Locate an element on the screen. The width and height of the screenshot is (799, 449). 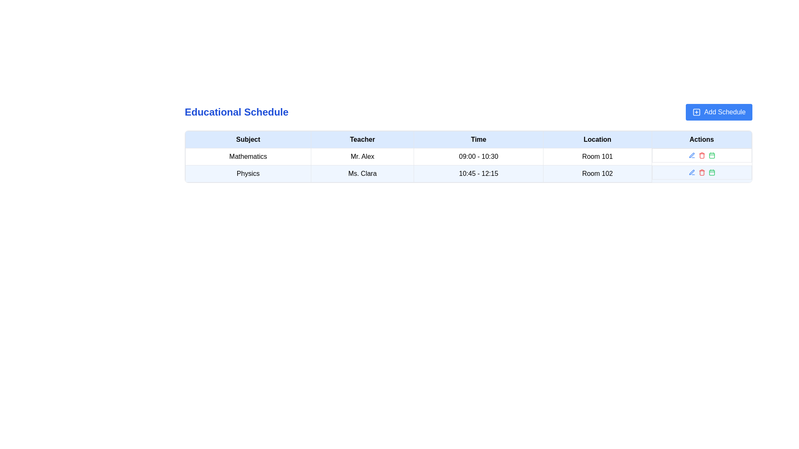
the Text Label displaying 'Mr. Alex' in the 'Teacher' column of the first row in the table format is located at coordinates (362, 157).